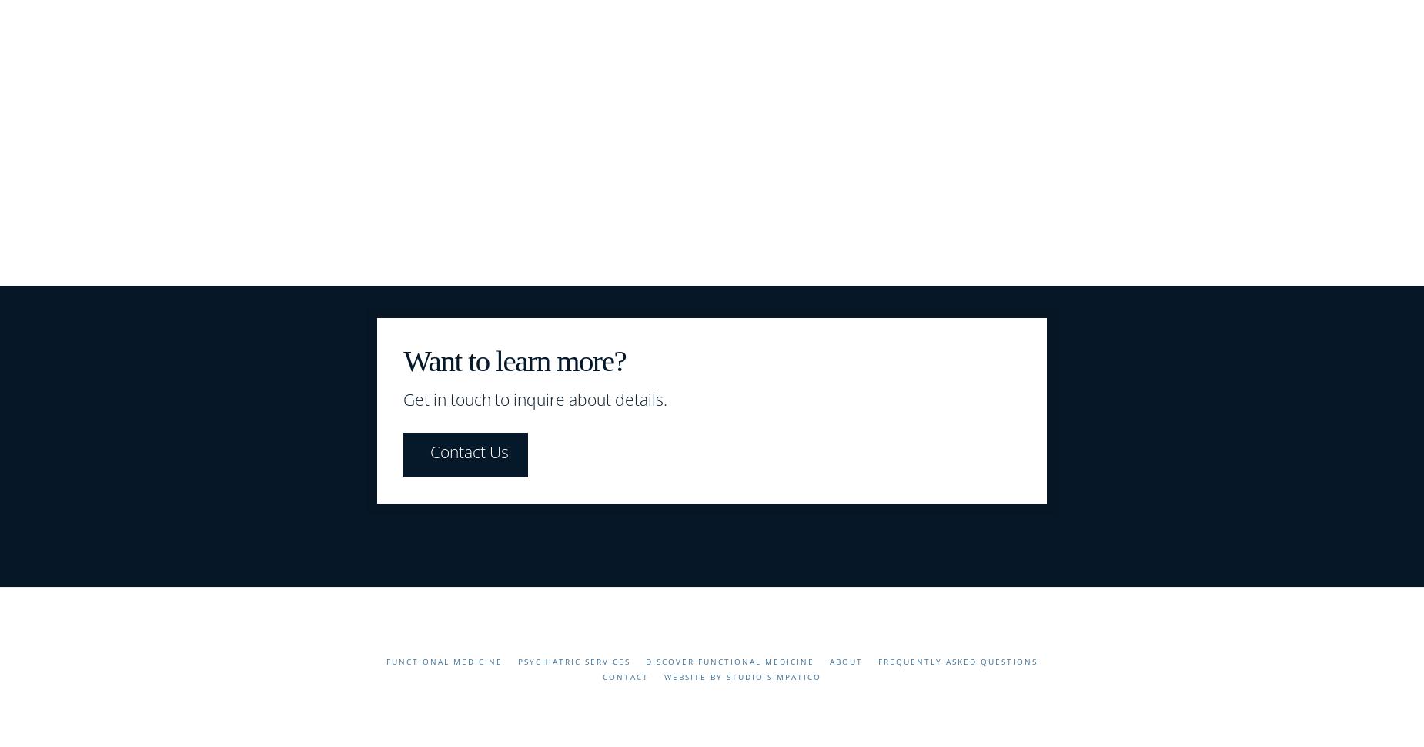 The height and width of the screenshot is (747, 1424). What do you see at coordinates (645, 659) in the screenshot?
I see `'Discover Functional Medicine'` at bounding box center [645, 659].